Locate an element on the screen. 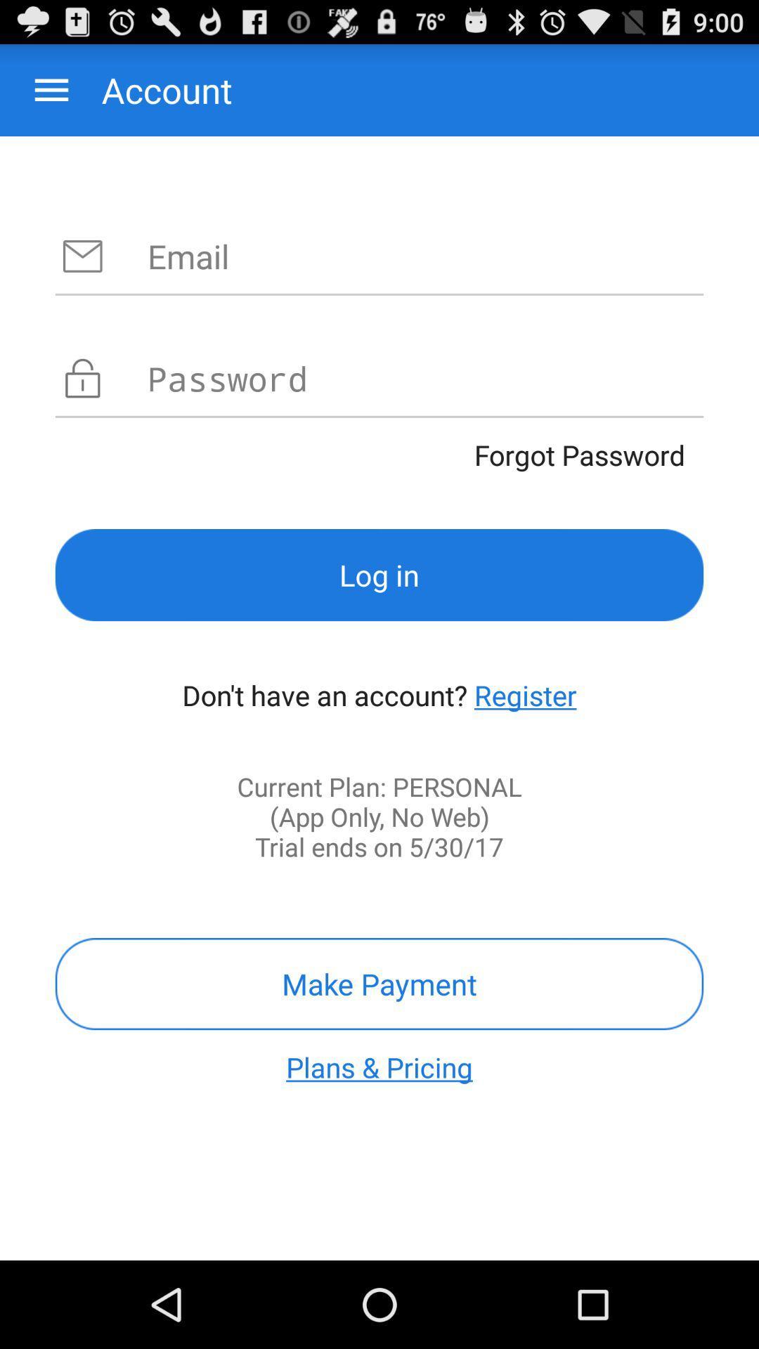 This screenshot has width=759, height=1349. icon to the left of the account app is located at coordinates (51, 89).